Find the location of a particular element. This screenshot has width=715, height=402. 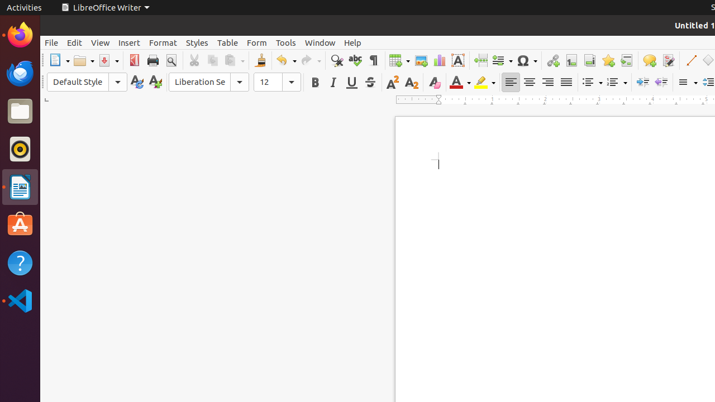

'Font Size' is located at coordinates (277, 82).